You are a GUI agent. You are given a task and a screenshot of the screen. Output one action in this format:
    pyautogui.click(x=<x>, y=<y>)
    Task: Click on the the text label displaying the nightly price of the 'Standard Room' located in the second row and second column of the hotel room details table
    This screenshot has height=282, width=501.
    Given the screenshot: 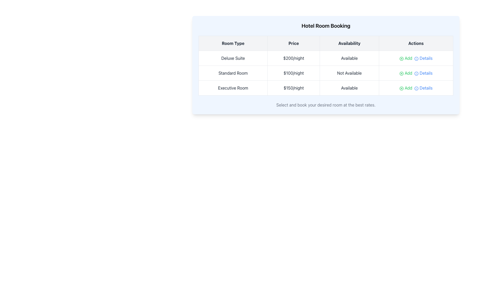 What is the action you would take?
    pyautogui.click(x=294, y=73)
    